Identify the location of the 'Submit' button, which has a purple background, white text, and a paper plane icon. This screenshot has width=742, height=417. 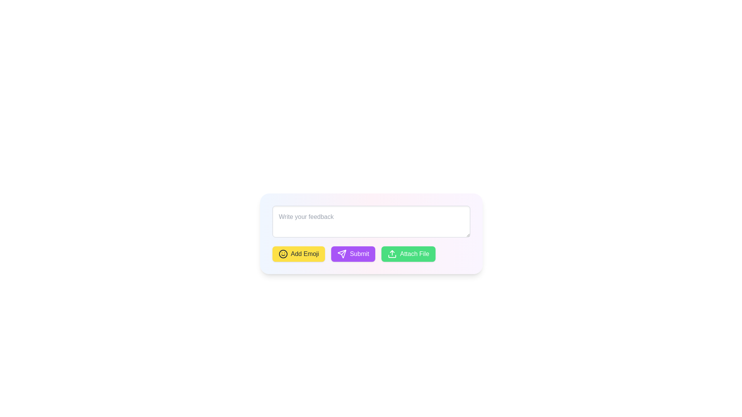
(353, 254).